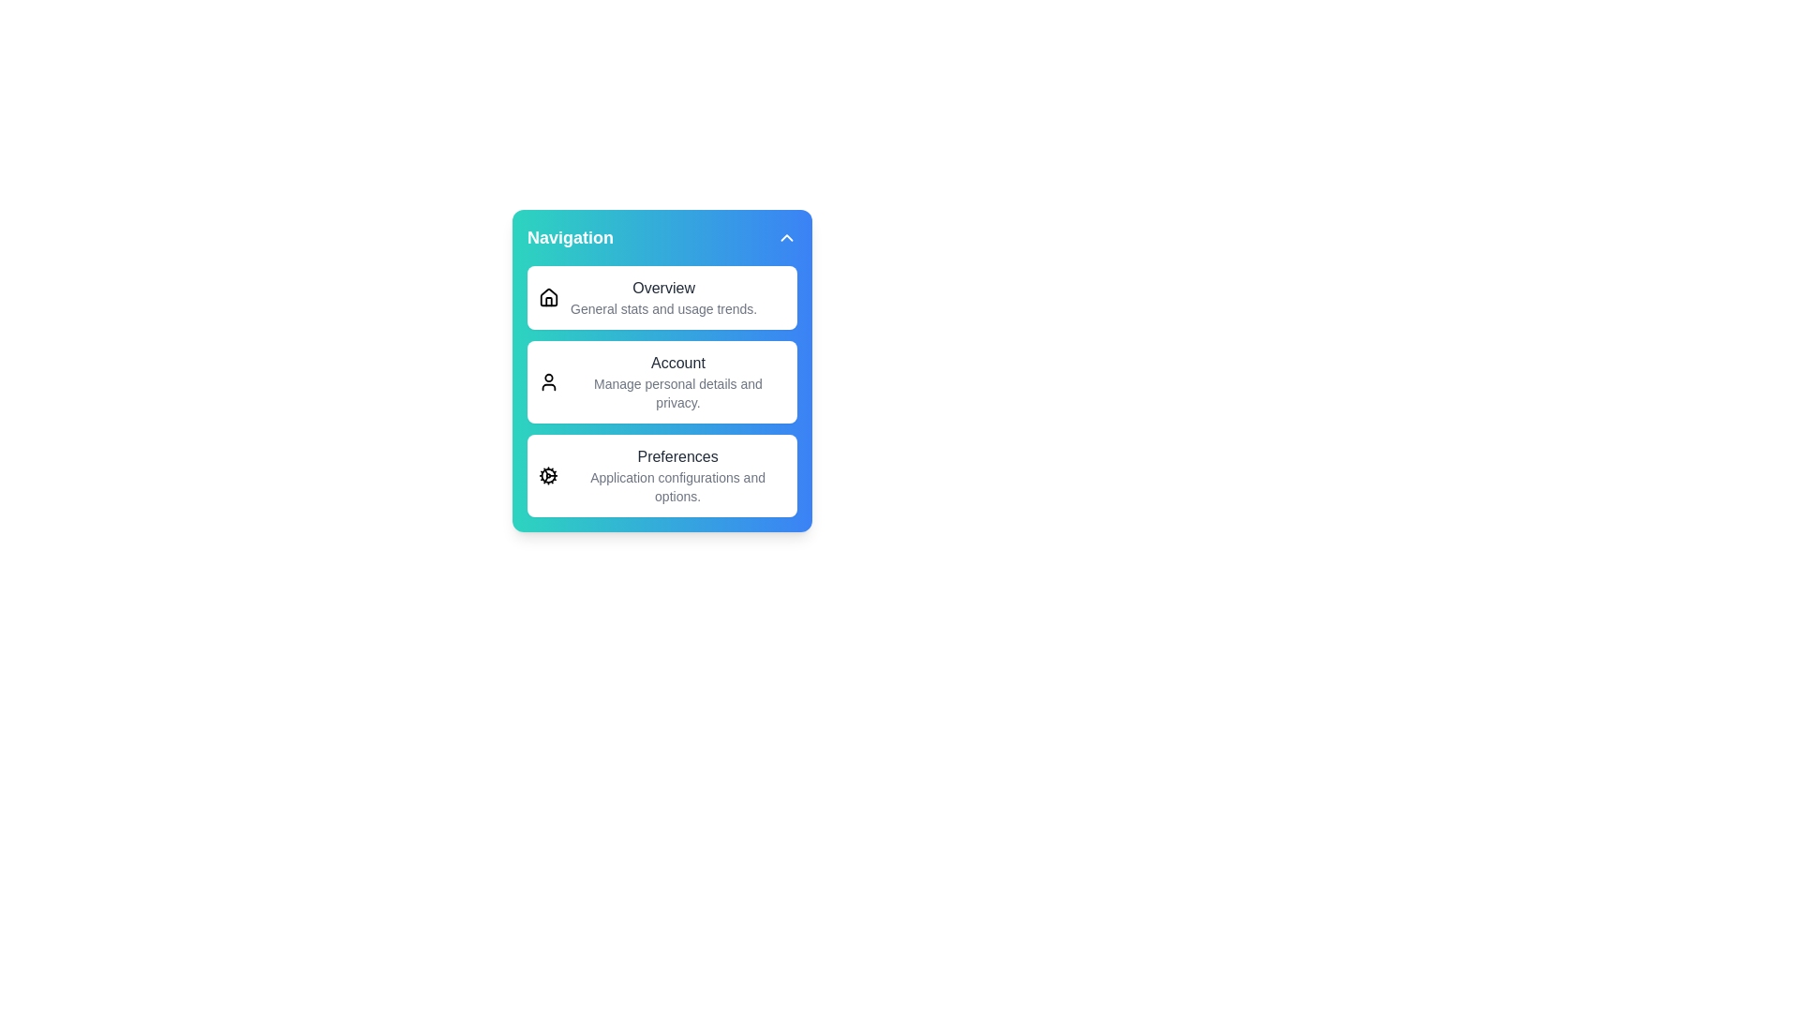  What do you see at coordinates (662, 475) in the screenshot?
I see `the menu item Preferences from the menu` at bounding box center [662, 475].